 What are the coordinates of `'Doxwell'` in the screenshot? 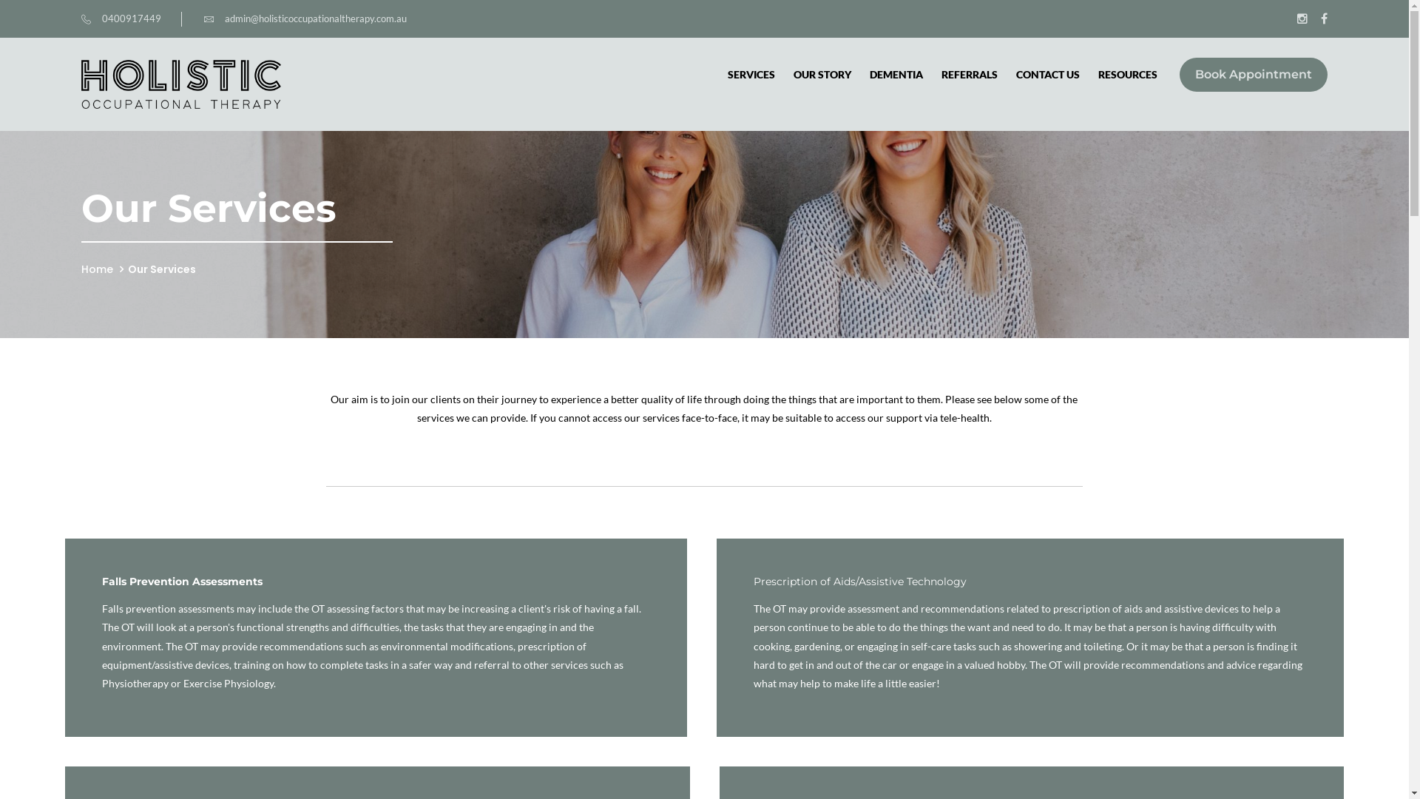 It's located at (180, 84).